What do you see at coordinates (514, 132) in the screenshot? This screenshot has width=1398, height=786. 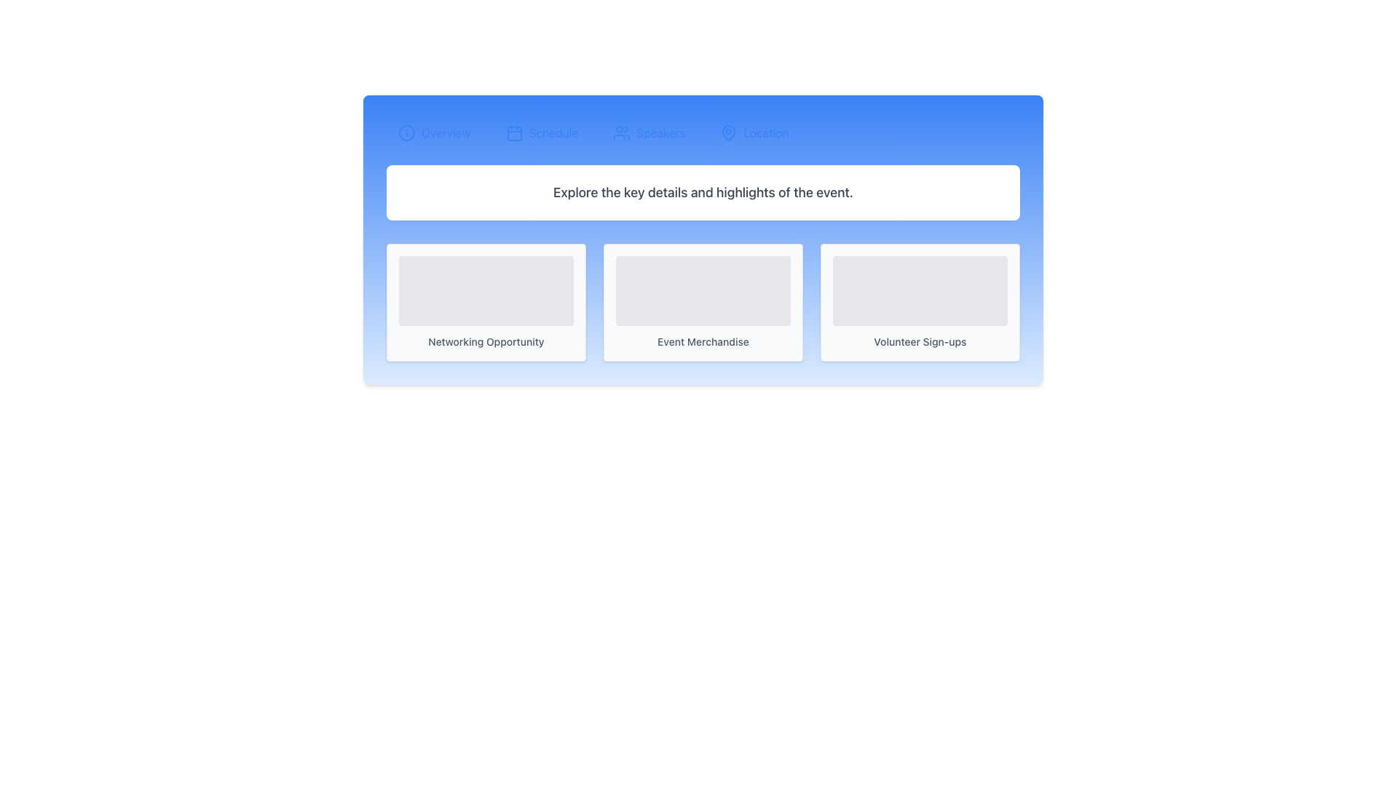 I see `the calendar icon located in the 'Schedule' tab header, which is styled in blue and positioned left of the text label 'Schedule'` at bounding box center [514, 132].